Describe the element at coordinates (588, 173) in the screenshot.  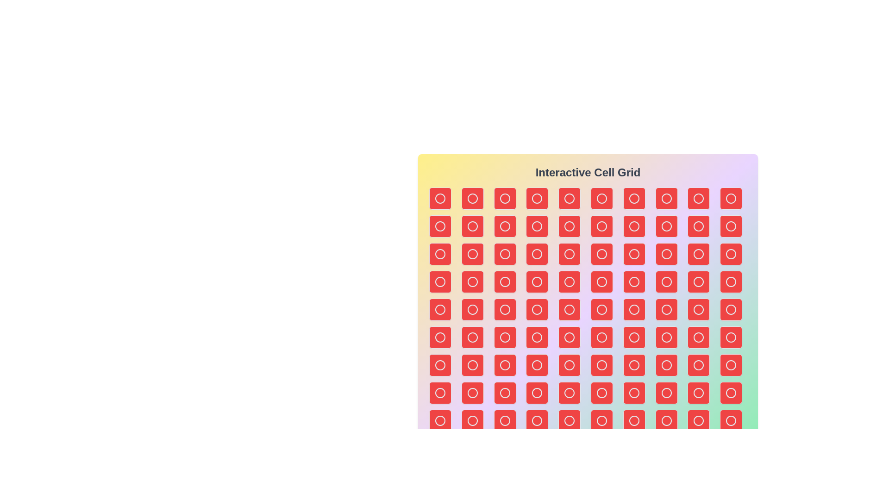
I see `the title text to focus on it` at that location.